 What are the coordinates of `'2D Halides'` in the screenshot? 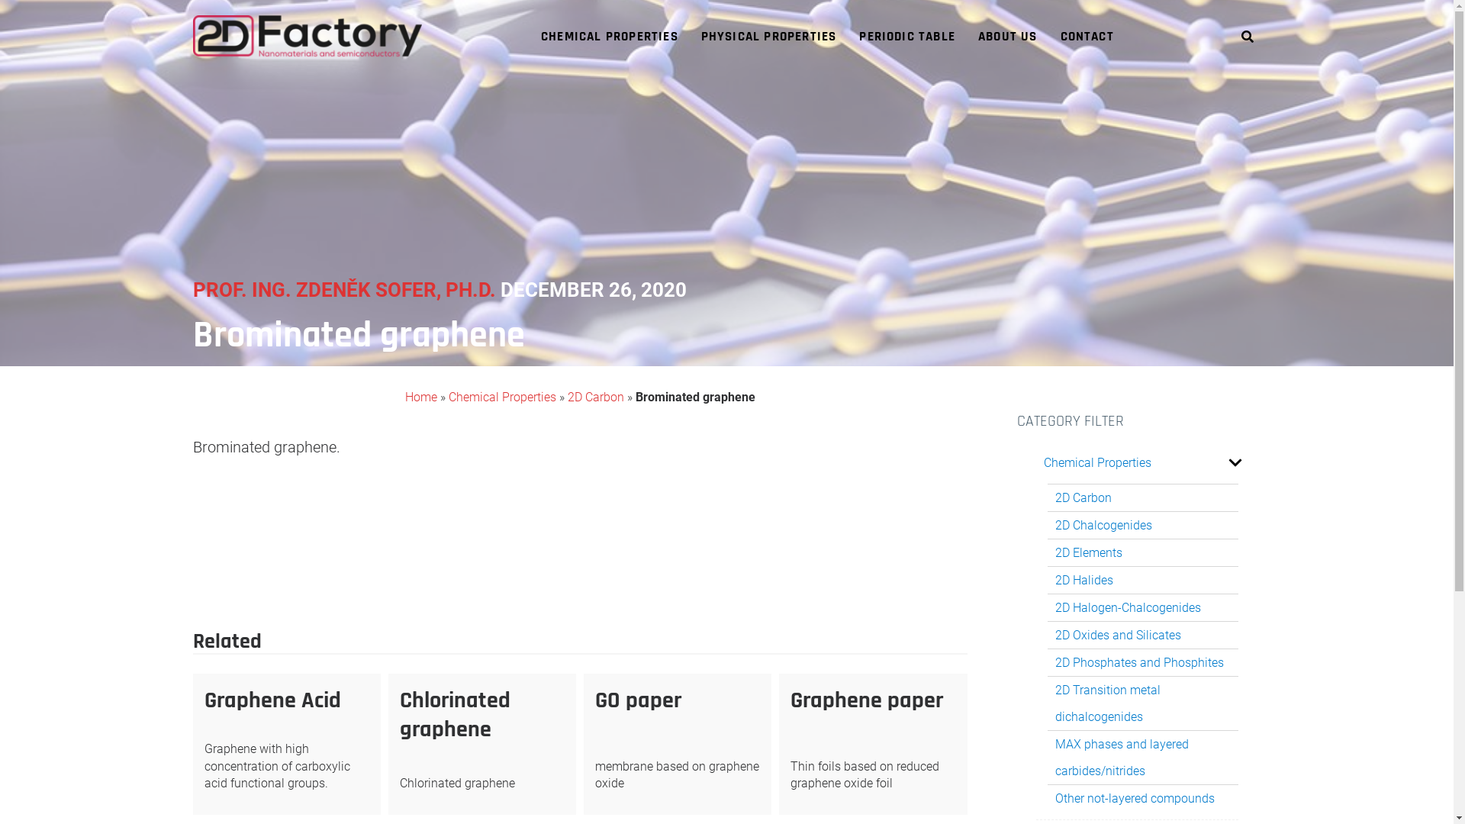 It's located at (1083, 580).